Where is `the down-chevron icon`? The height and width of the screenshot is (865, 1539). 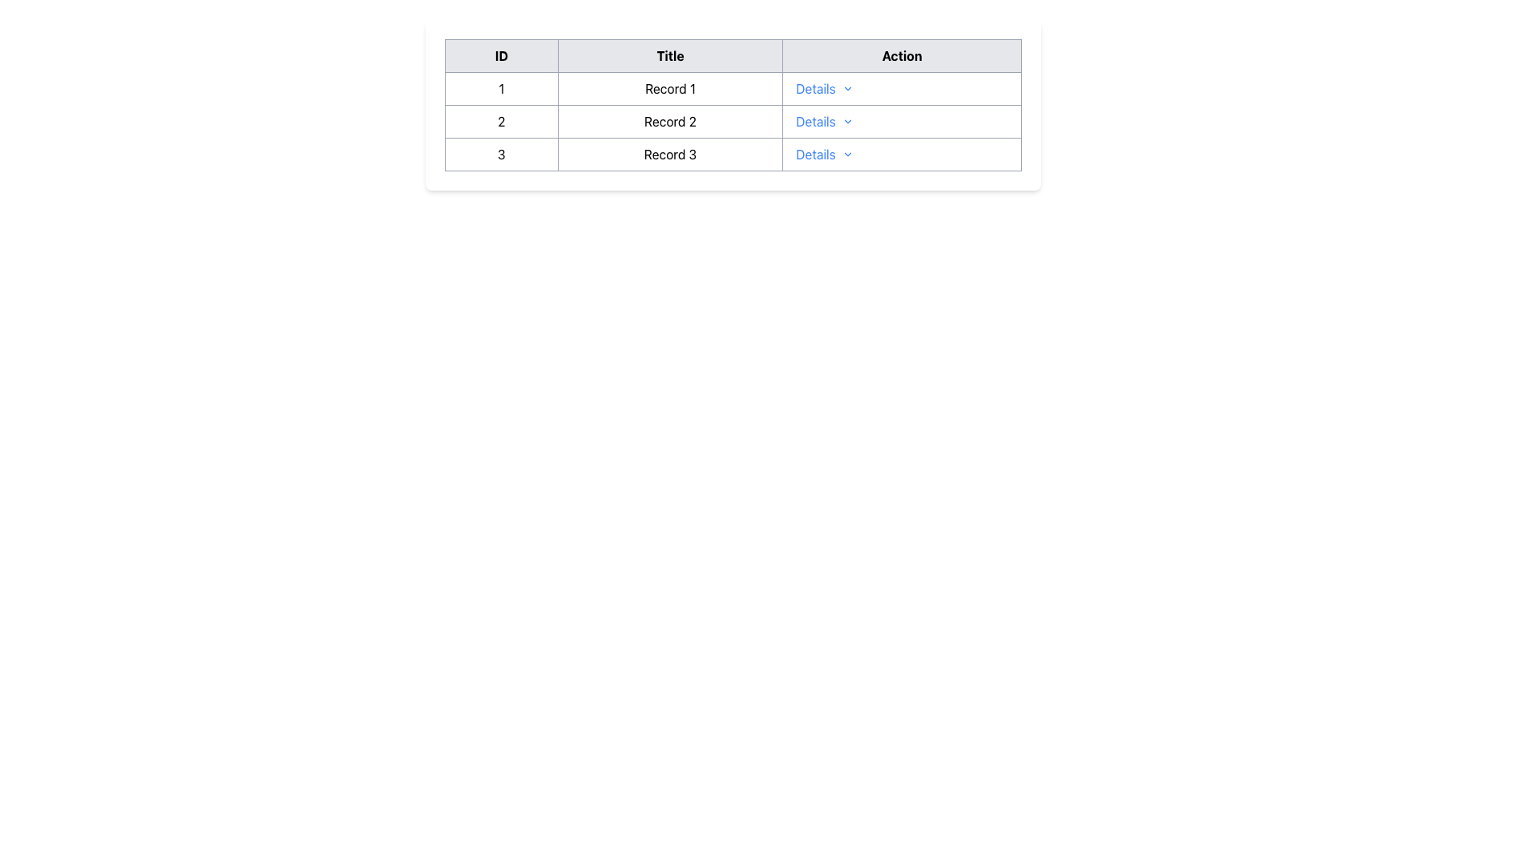
the down-chevron icon is located at coordinates (846, 120).